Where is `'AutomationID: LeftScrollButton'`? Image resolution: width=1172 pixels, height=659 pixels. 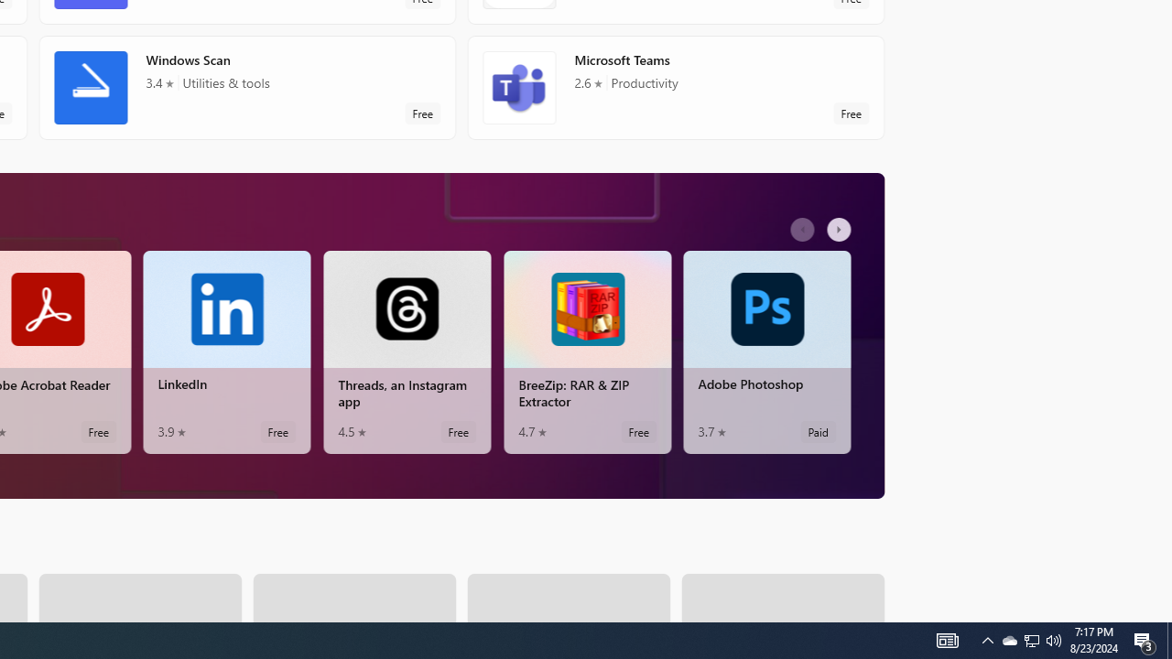
'AutomationID: LeftScrollButton' is located at coordinates (804, 228).